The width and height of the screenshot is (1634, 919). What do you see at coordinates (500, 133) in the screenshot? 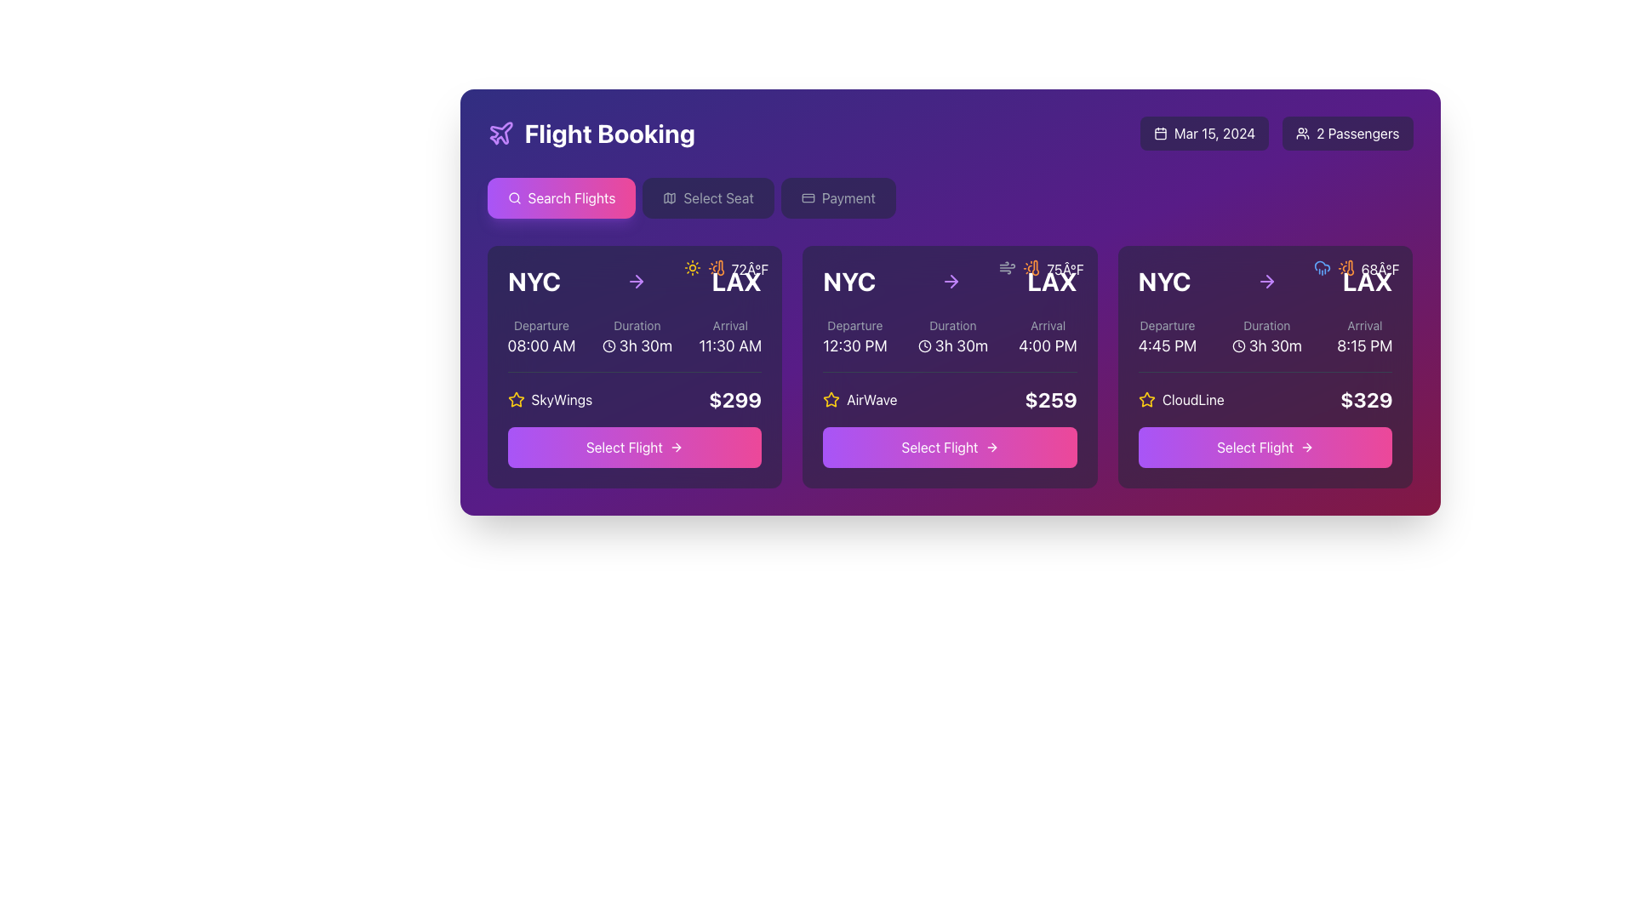
I see `the flight-related icon located to the left of the 'Flight Booking' text in the header section of the interface` at bounding box center [500, 133].